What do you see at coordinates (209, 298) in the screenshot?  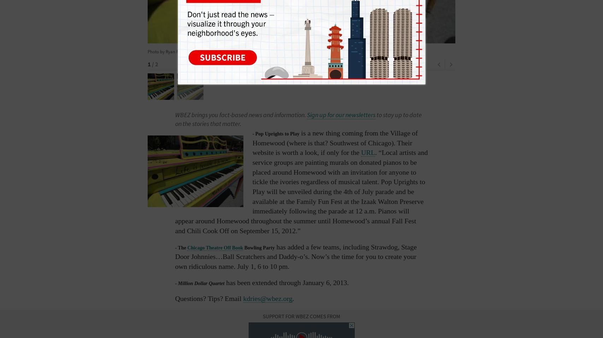 I see `'Questions? Tips? Email'` at bounding box center [209, 298].